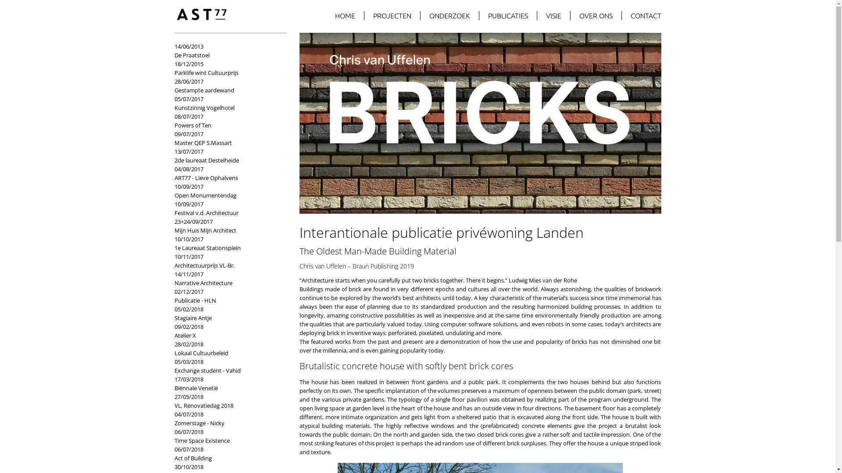  I want to click on 'ONDERZOEK', so click(450, 15).